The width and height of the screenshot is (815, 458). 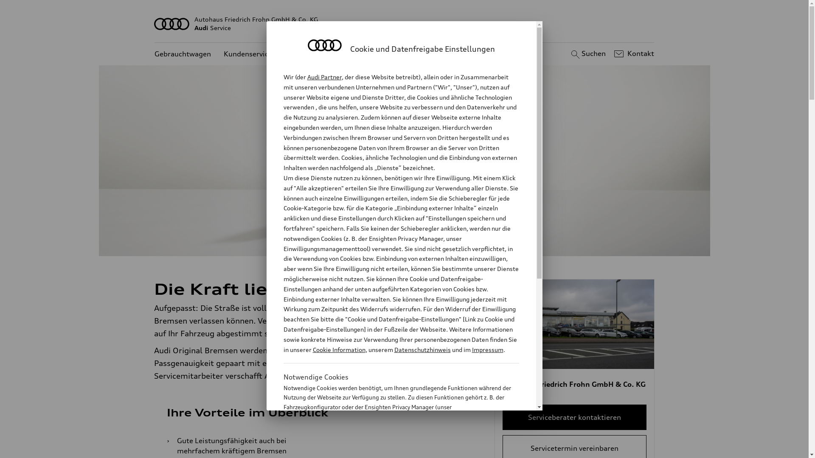 I want to click on 'Serviceberater kontaktieren', so click(x=574, y=416).